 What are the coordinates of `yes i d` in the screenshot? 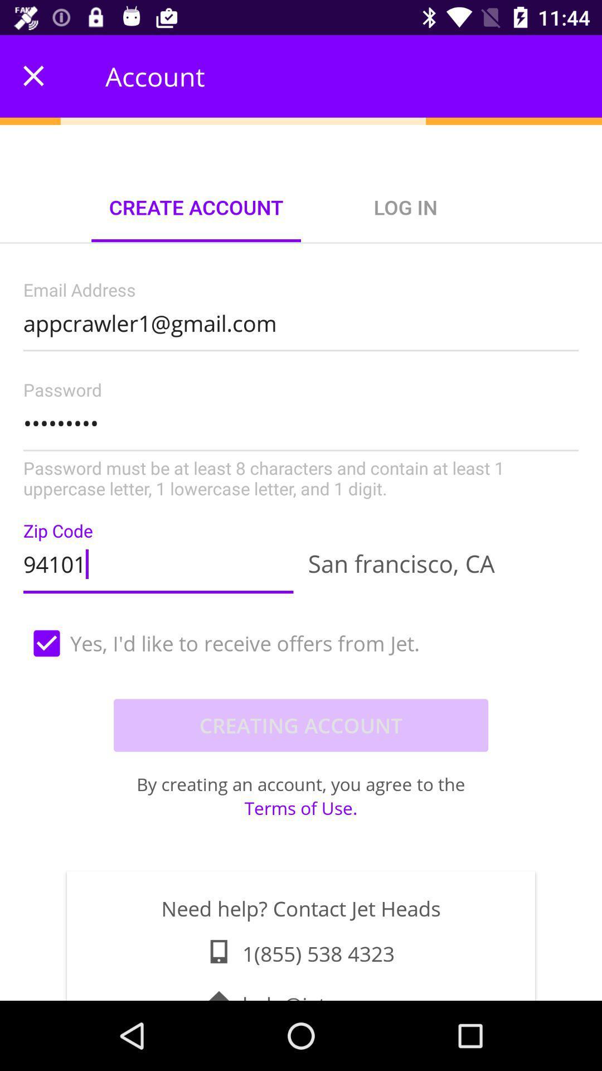 It's located at (301, 643).